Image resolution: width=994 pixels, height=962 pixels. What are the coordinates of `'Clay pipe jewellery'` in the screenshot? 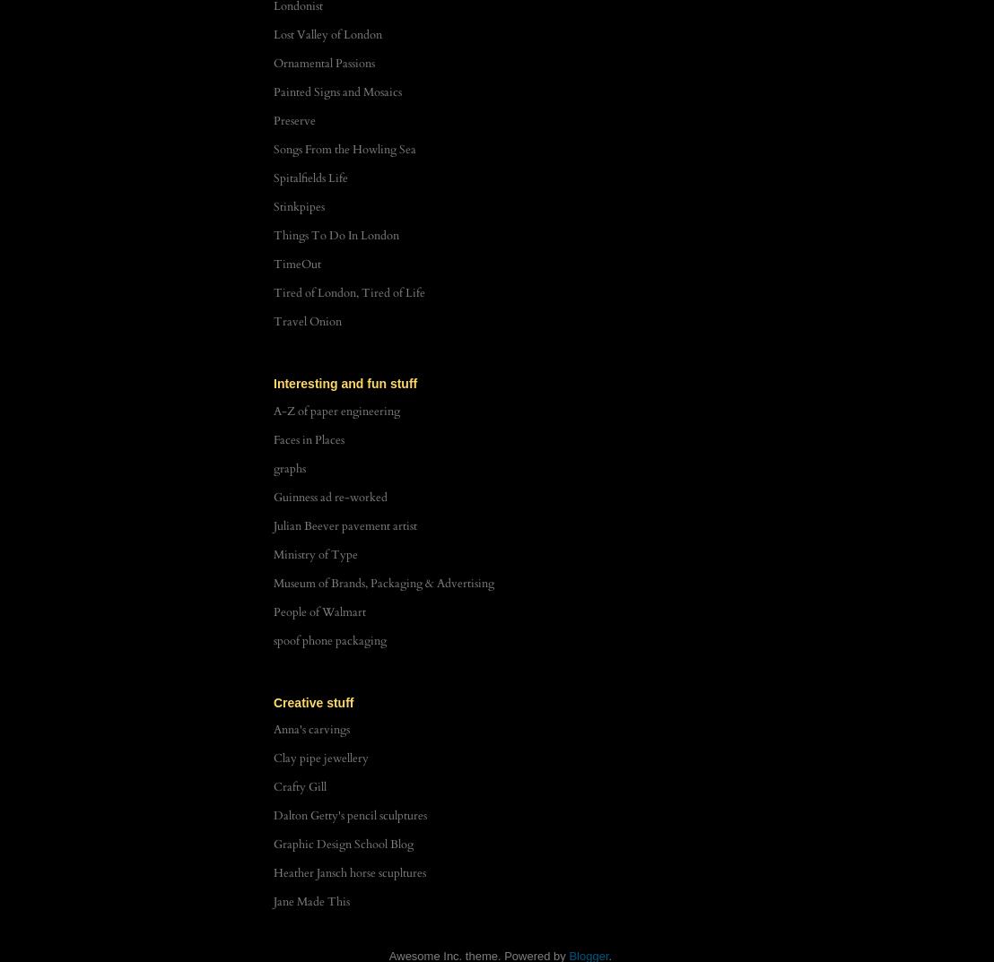 It's located at (319, 757).